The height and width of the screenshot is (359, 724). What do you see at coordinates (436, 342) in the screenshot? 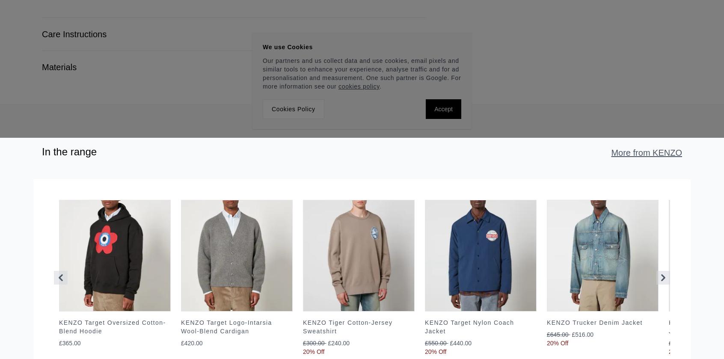
I see `'£550.00'` at bounding box center [436, 342].